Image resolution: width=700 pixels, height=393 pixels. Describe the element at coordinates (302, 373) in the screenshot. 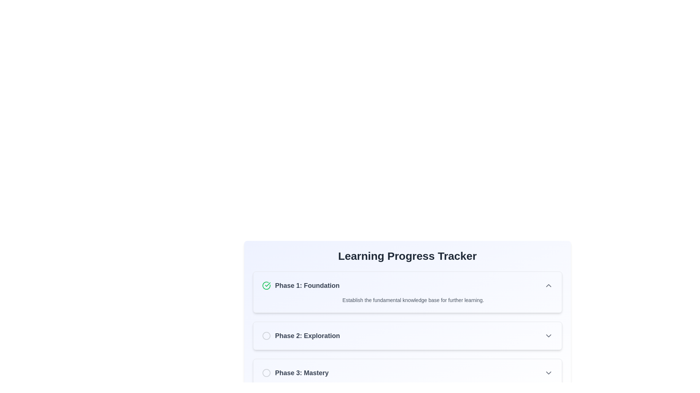

I see `text label indicating 'Phase 3' in the Learning Progress Tracker interface, which signifies the third stage named 'Mastery'` at that location.